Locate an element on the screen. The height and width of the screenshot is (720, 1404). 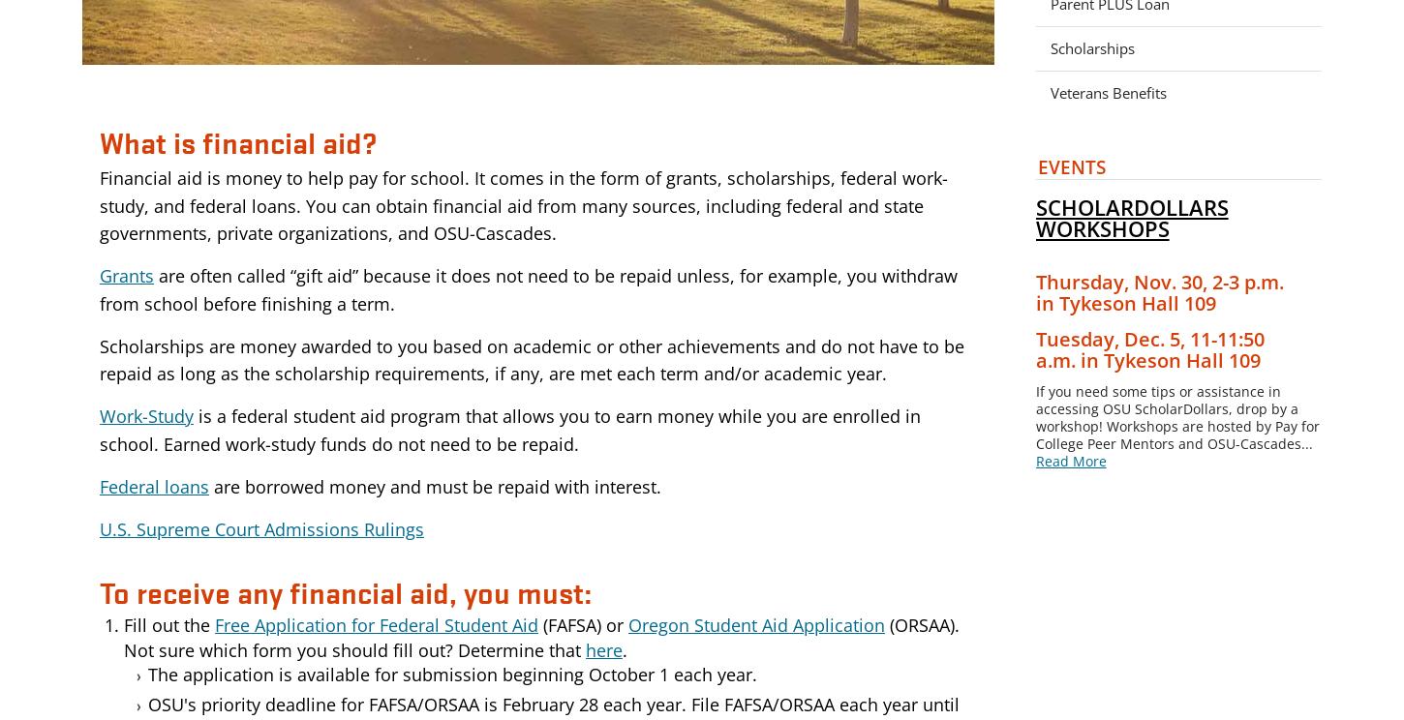
'Veterans Benefits' is located at coordinates (1107, 91).